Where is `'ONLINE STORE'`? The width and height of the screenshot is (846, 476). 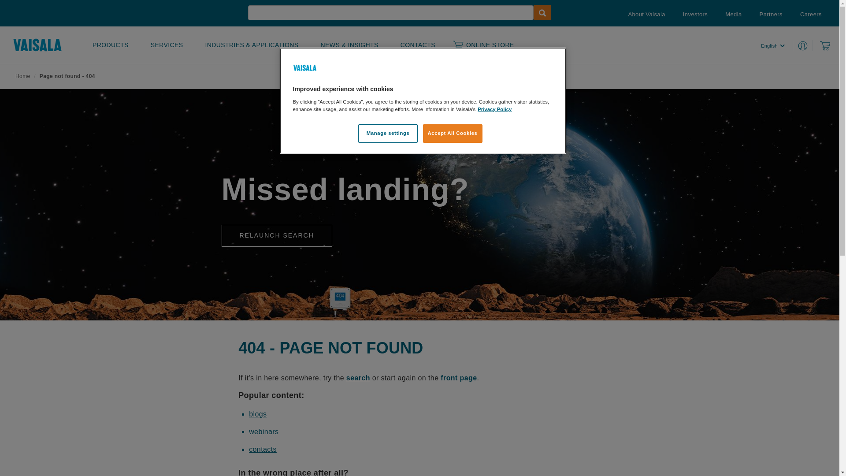 'ONLINE STORE' is located at coordinates (483, 45).